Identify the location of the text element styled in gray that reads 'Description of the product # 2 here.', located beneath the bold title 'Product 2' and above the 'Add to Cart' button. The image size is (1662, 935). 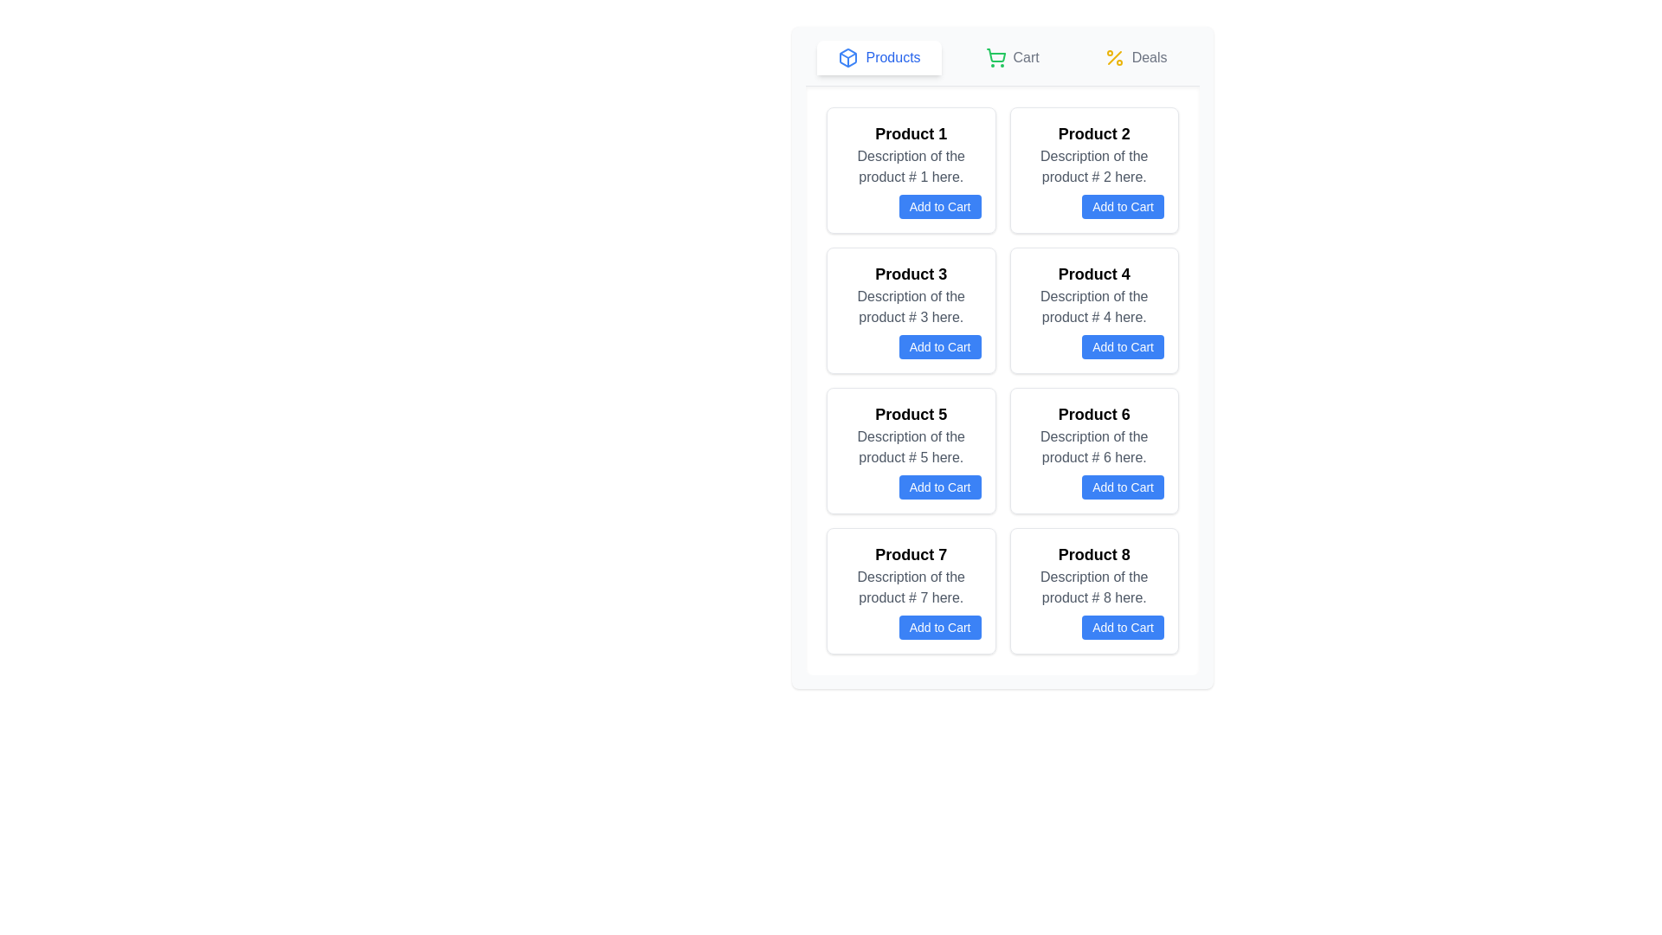
(1093, 166).